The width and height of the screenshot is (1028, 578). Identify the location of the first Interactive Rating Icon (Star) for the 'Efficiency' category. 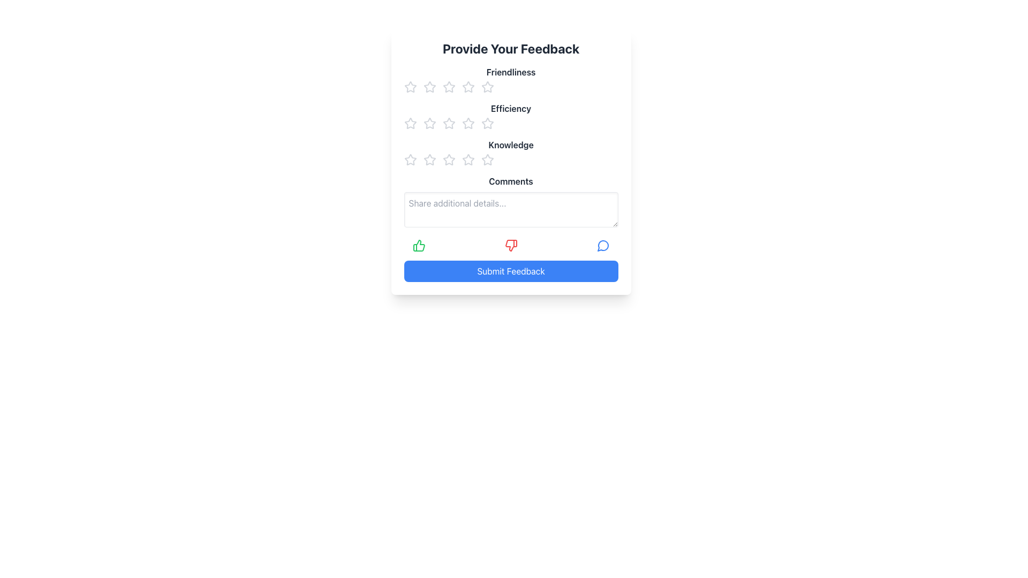
(410, 123).